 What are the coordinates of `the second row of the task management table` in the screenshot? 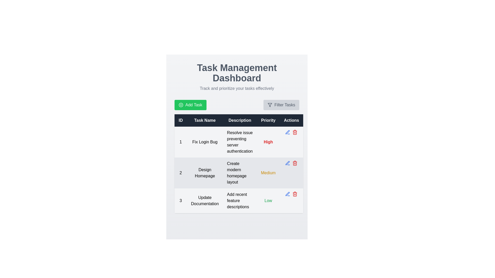 It's located at (238, 173).